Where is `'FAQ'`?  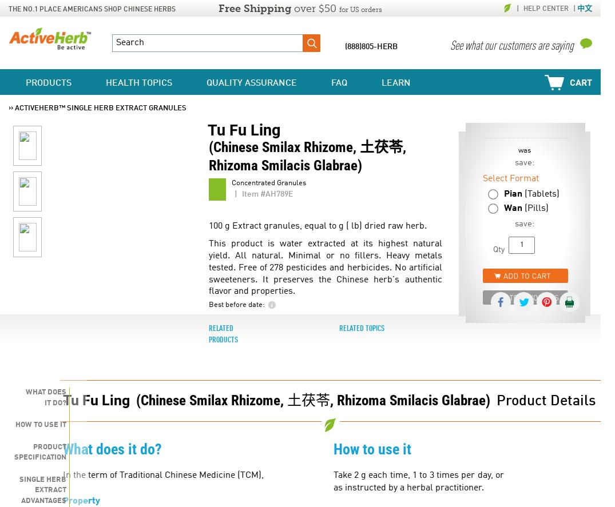
'FAQ' is located at coordinates (338, 83).